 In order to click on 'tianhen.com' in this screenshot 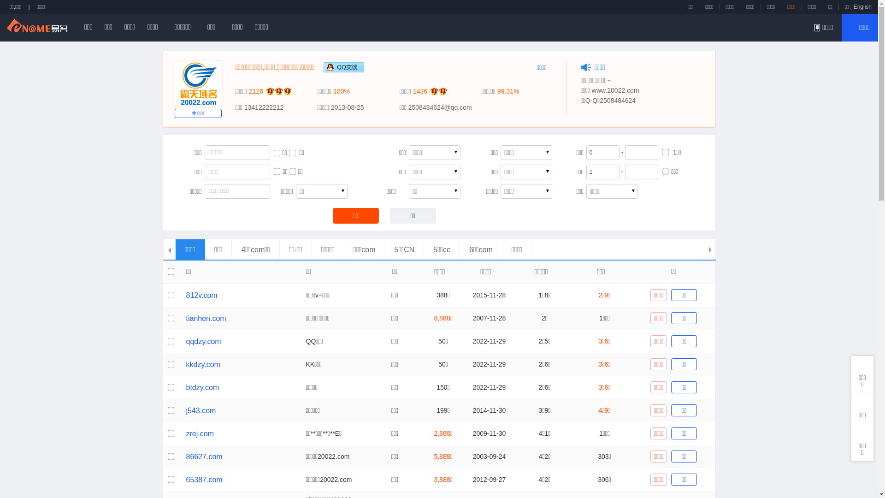, I will do `click(206, 318)`.